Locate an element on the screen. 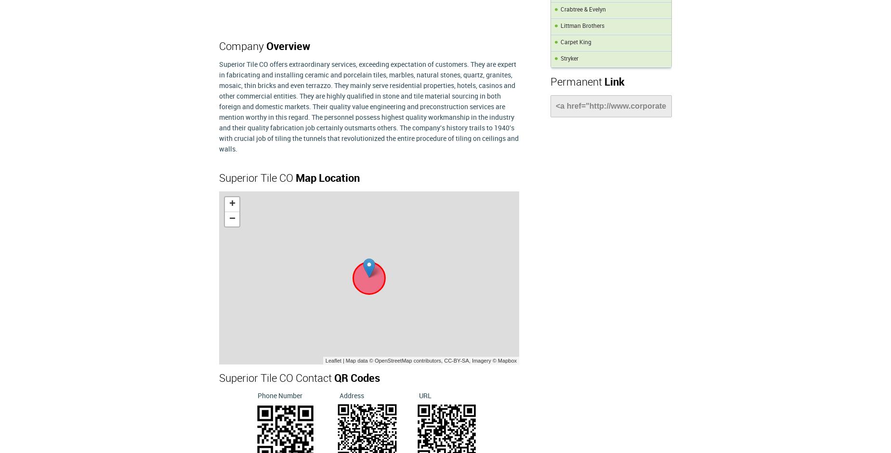 This screenshot has height=453, width=891. 'QR Codes' is located at coordinates (334, 378).